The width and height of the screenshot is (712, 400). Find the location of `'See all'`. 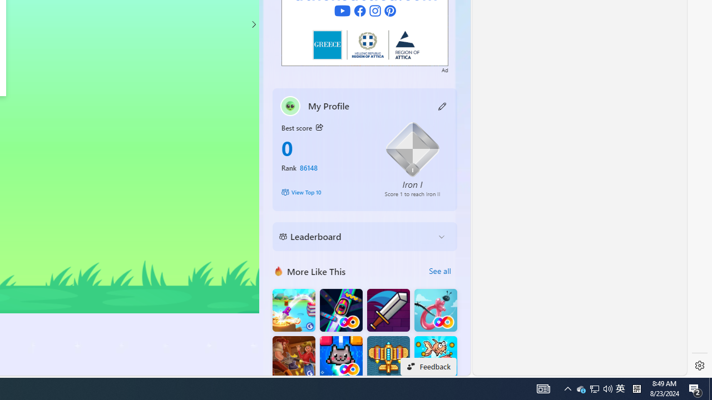

'See all' is located at coordinates (439, 271).